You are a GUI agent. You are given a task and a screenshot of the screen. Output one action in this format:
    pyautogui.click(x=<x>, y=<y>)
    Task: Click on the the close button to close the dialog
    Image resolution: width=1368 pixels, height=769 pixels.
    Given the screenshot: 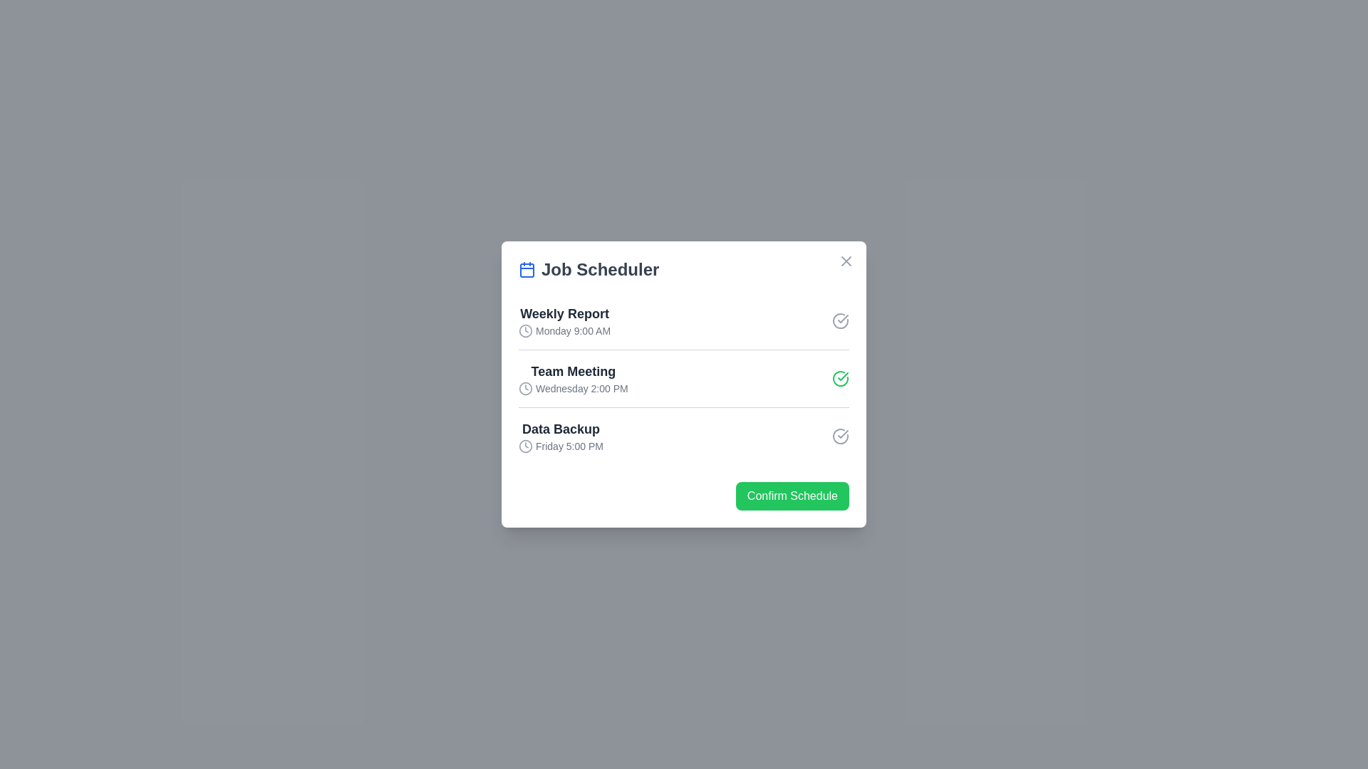 What is the action you would take?
    pyautogui.click(x=846, y=261)
    